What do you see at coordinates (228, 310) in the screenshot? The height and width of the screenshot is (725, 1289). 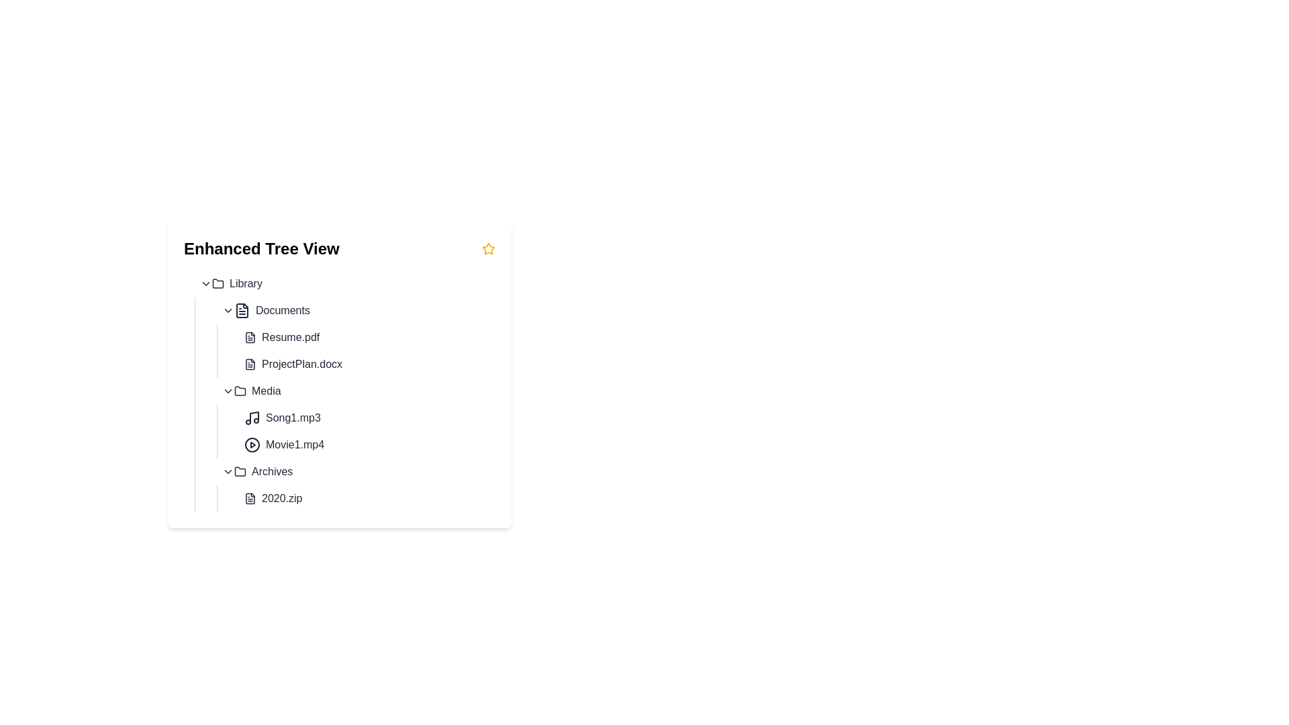 I see `the downward-pointing chevron arrow icon` at bounding box center [228, 310].